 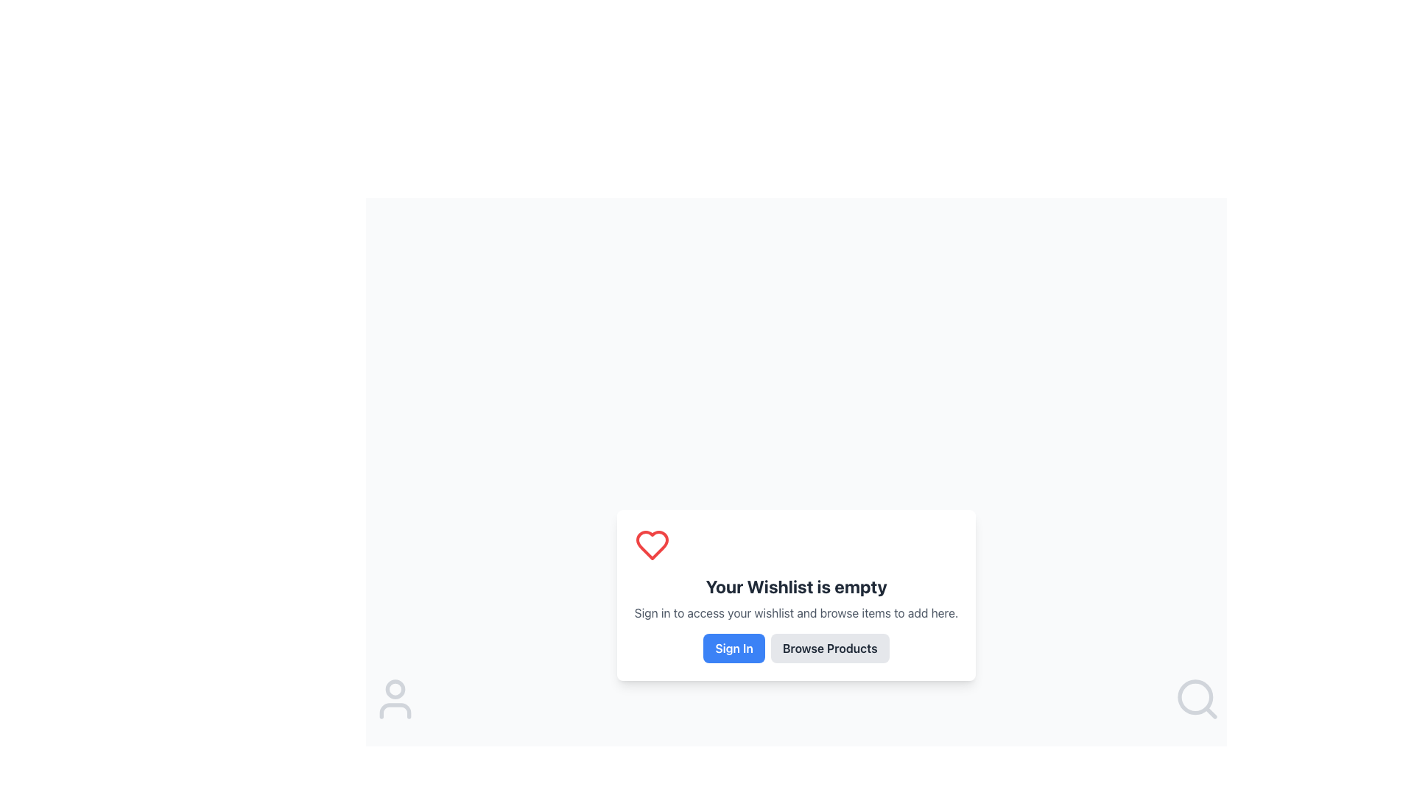 I want to click on the Wishlist vector icon located at the top section of the card displaying 'Your Wishlist is empty.', so click(x=651, y=545).